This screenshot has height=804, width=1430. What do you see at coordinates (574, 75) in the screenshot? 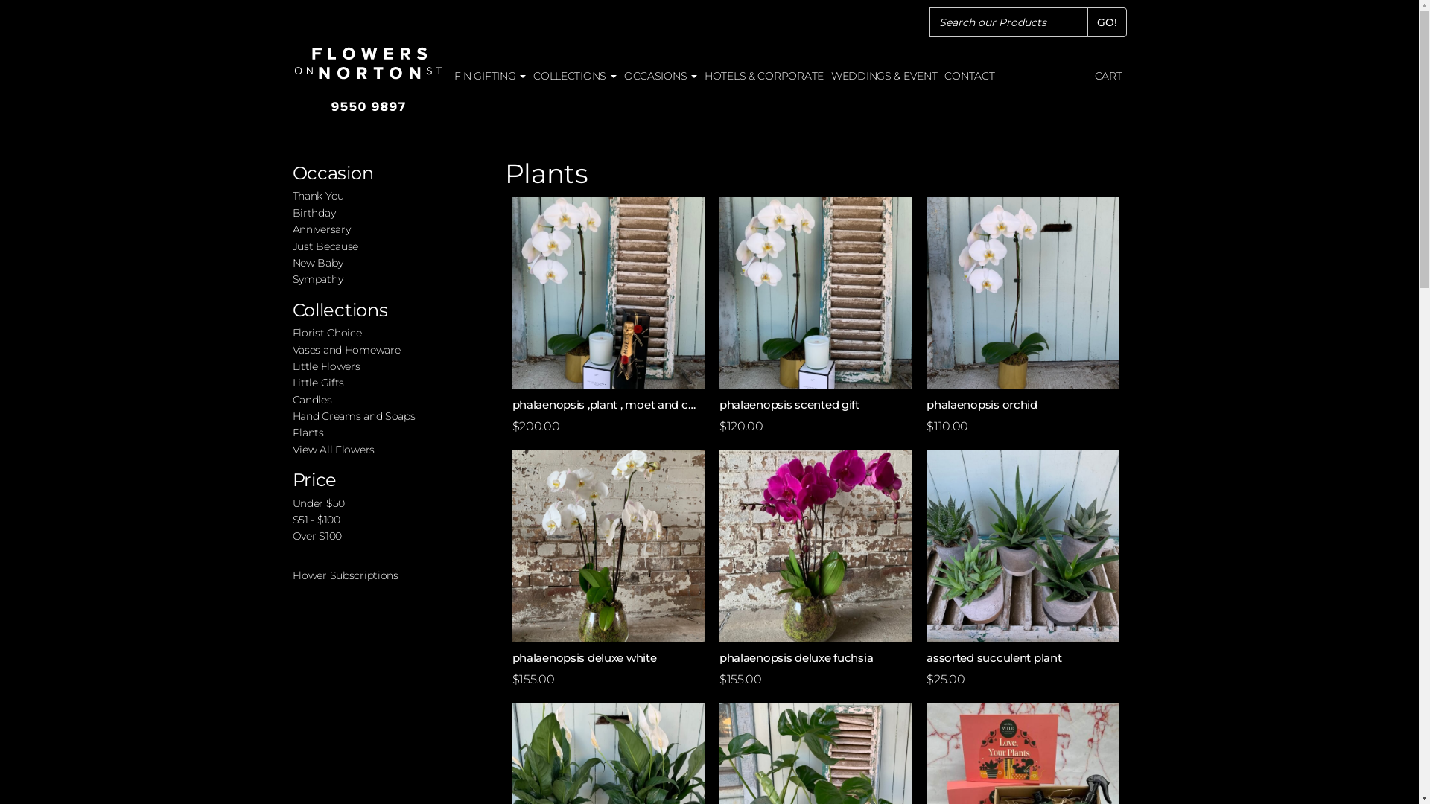
I see `'COLLECTIONS'` at bounding box center [574, 75].